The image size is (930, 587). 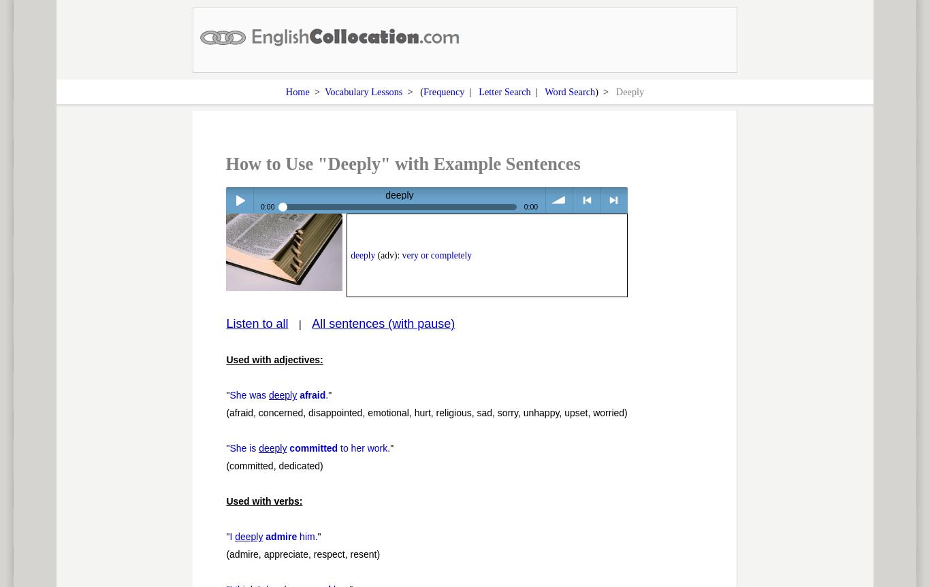 I want to click on 'Word Search', so click(x=568, y=90).